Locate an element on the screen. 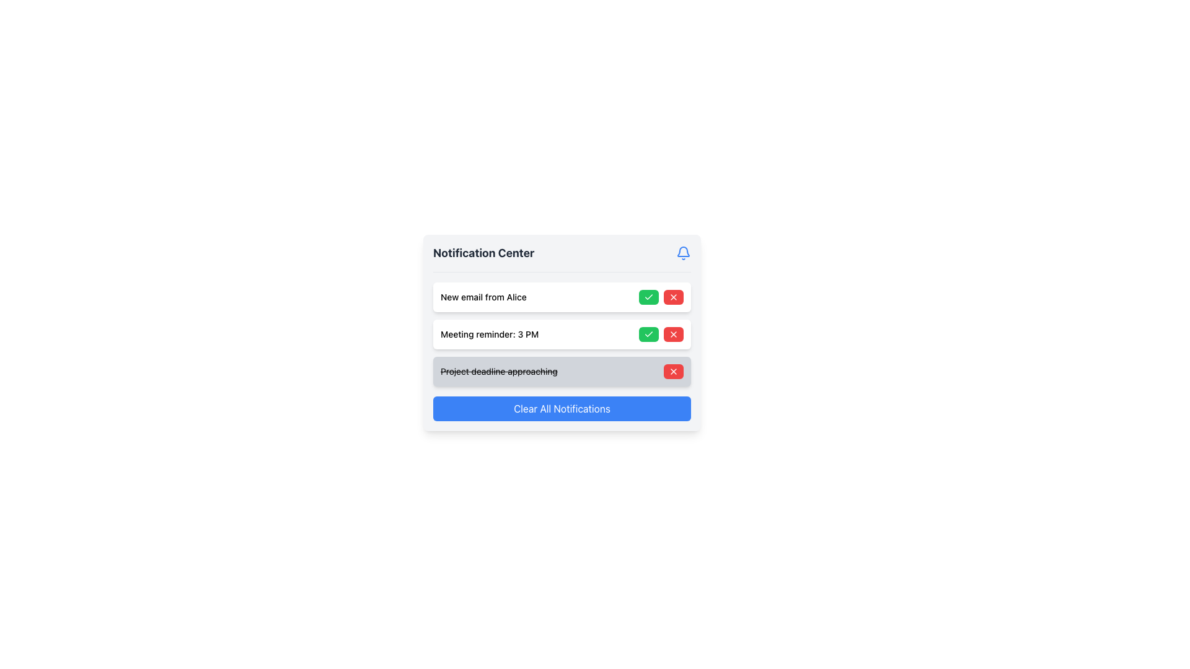  the green button on each notification item within the Notification Center to mark it as acknowledged is located at coordinates (562, 331).